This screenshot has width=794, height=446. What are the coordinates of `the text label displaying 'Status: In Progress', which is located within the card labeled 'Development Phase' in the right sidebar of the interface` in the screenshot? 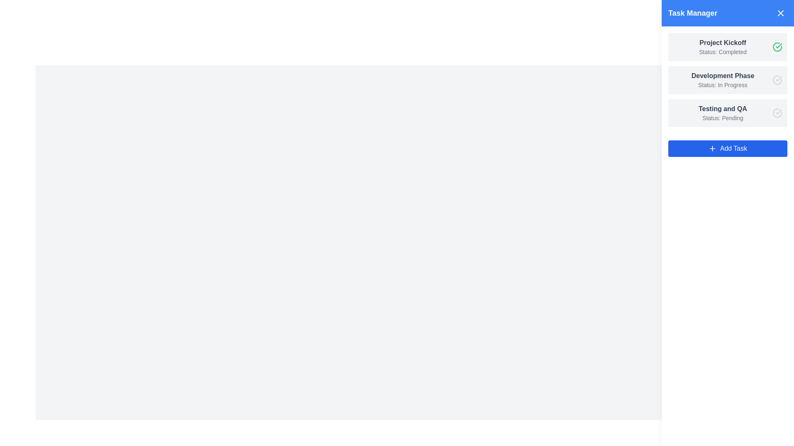 It's located at (722, 85).